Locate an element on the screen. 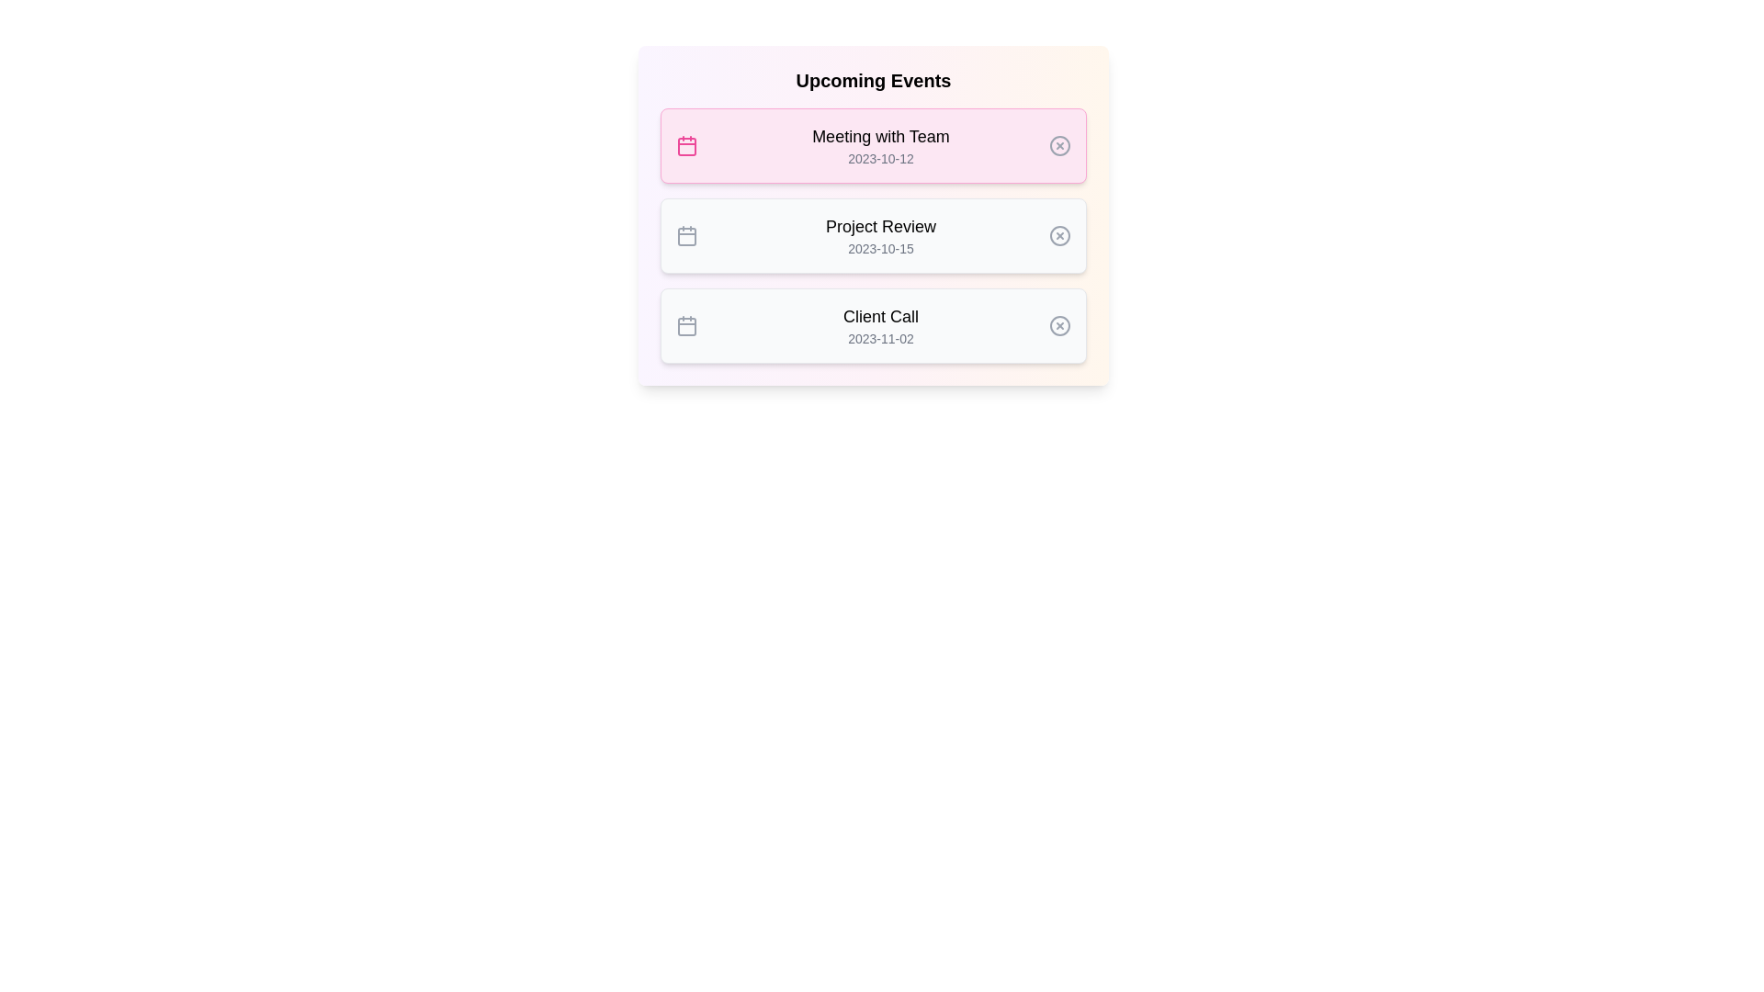  close button on the chip labeled 'Project Review' to remove it is located at coordinates (1059, 235).